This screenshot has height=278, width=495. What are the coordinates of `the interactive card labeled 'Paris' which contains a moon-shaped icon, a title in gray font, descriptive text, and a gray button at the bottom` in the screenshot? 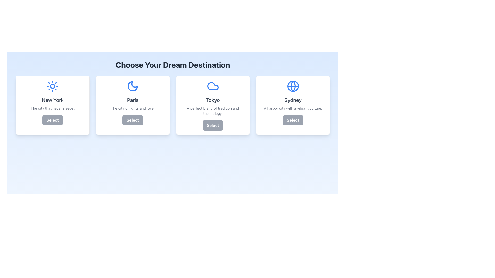 It's located at (133, 105).